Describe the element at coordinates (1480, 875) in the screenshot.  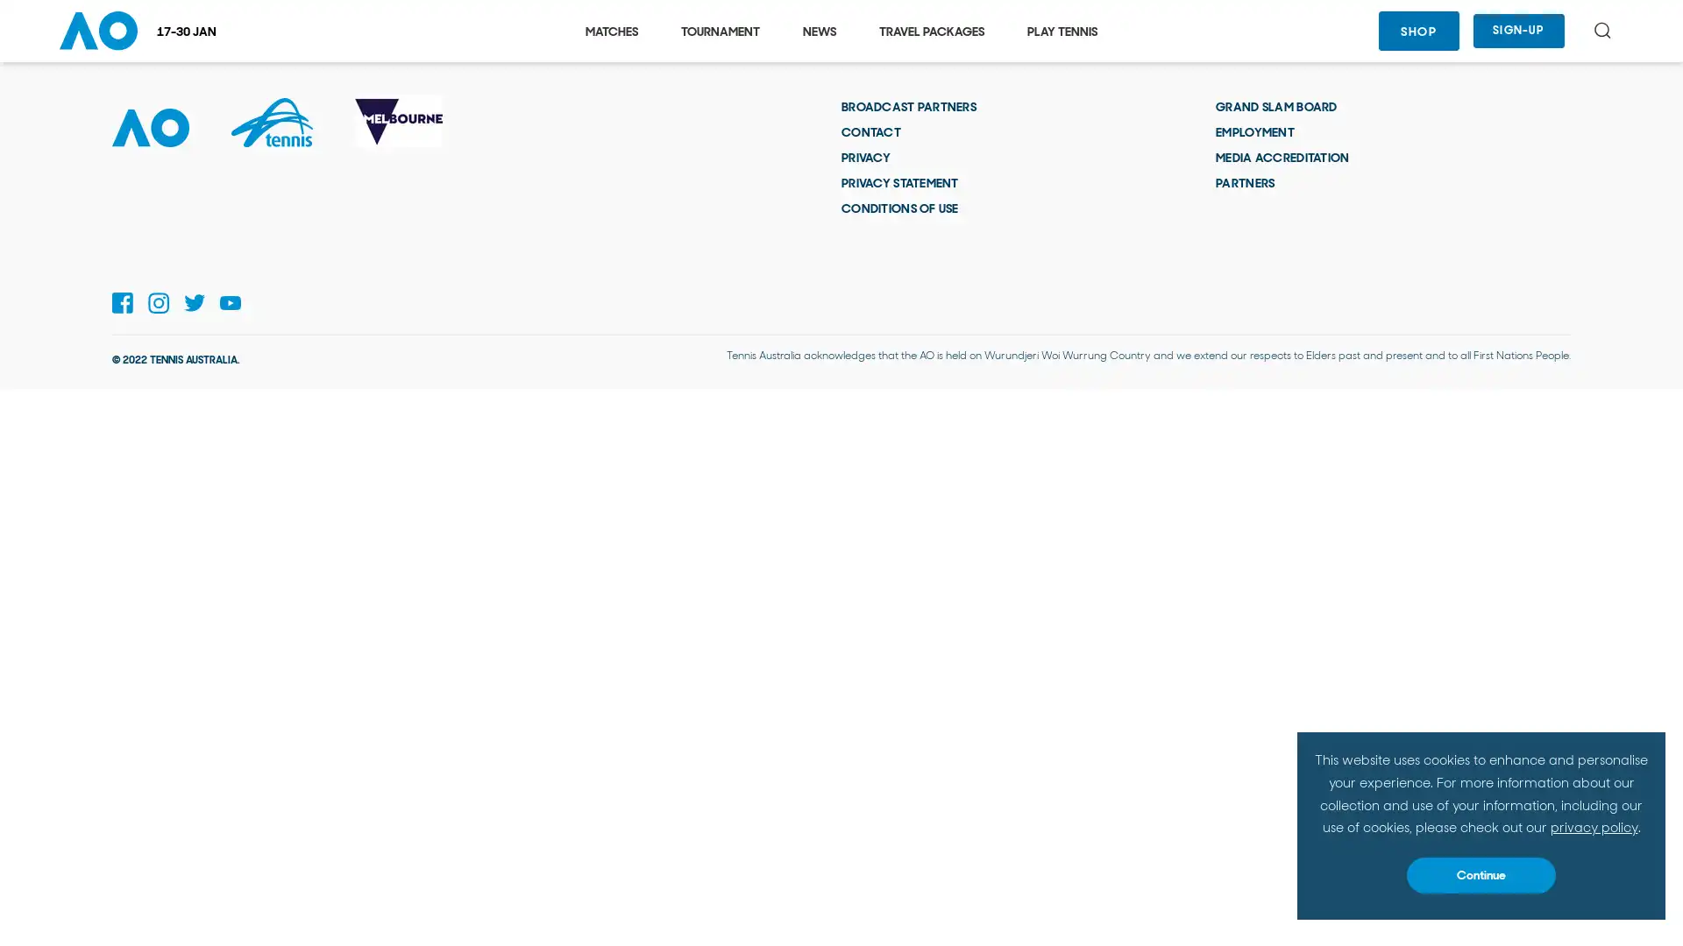
I see `Continue` at that location.